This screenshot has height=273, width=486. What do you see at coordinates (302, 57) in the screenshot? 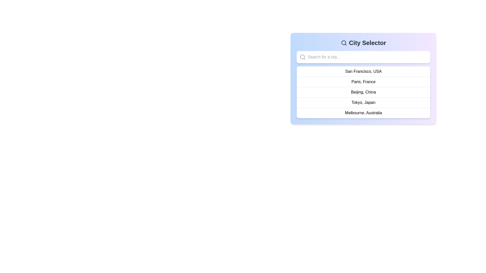
I see `the search icon located to the left of the input field labeled 'Search for a city...' within a white, rounded rectangle box` at bounding box center [302, 57].